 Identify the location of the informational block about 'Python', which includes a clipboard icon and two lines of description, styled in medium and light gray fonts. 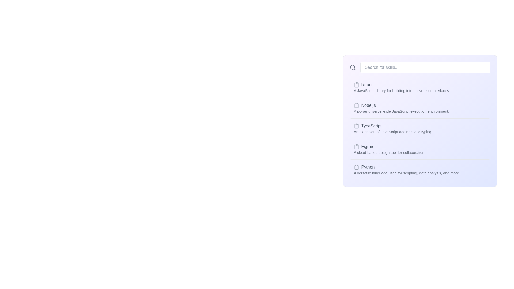
(407, 170).